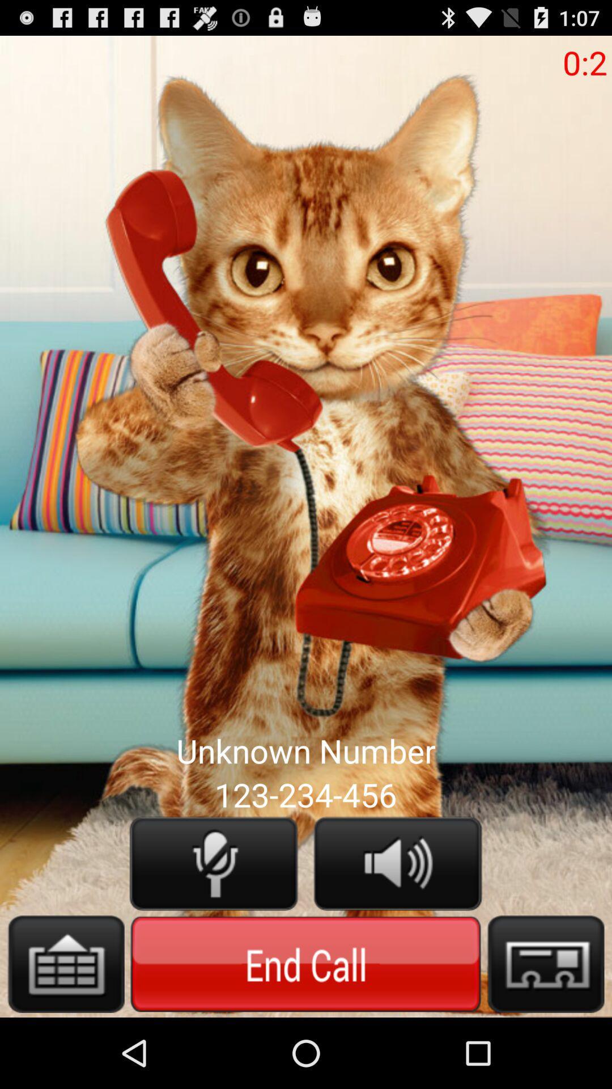 The height and width of the screenshot is (1089, 612). What do you see at coordinates (214, 863) in the screenshot?
I see `click the microphone option` at bounding box center [214, 863].